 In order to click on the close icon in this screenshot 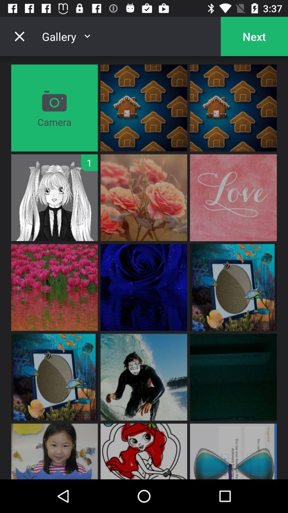, I will do `click(19, 36)`.